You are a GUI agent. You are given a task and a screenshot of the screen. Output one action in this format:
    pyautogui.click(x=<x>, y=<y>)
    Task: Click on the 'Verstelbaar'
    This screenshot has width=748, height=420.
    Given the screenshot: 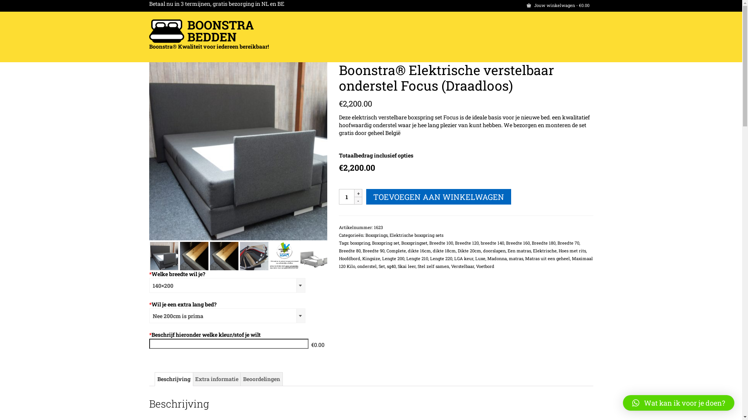 What is the action you would take?
    pyautogui.click(x=451, y=266)
    